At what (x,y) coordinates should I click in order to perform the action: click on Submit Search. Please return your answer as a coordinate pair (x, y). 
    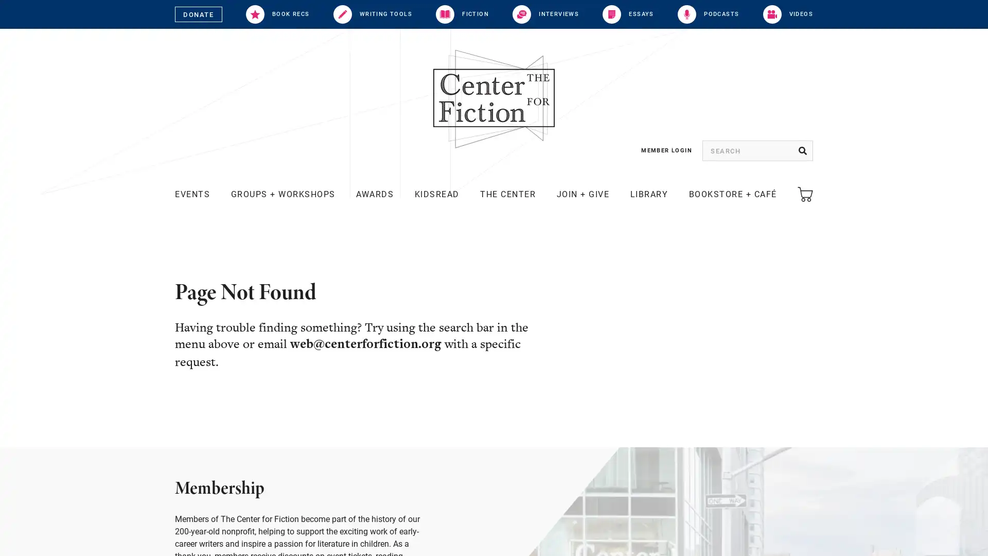
    Looking at the image, I should click on (802, 151).